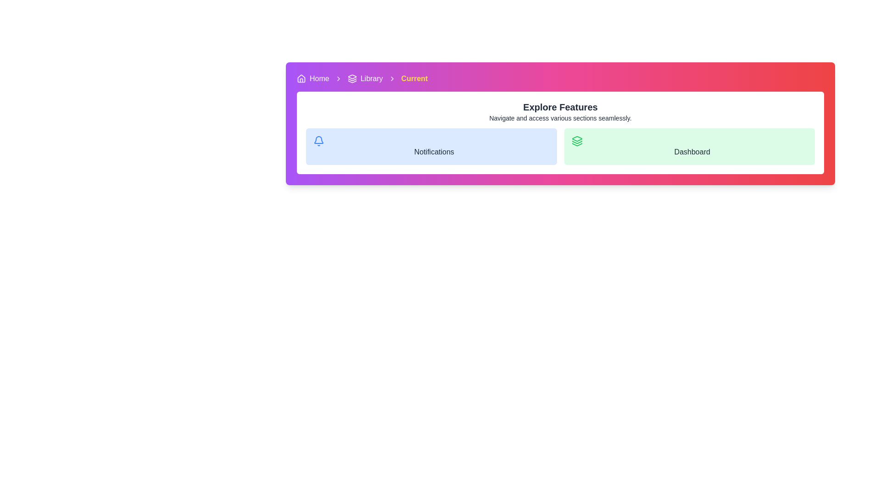 The image size is (881, 495). What do you see at coordinates (392, 78) in the screenshot?
I see `the third chevron icon positioned between the breadcrumb links 'Library' and 'Current' in the breadcrumb navigation bar` at bounding box center [392, 78].